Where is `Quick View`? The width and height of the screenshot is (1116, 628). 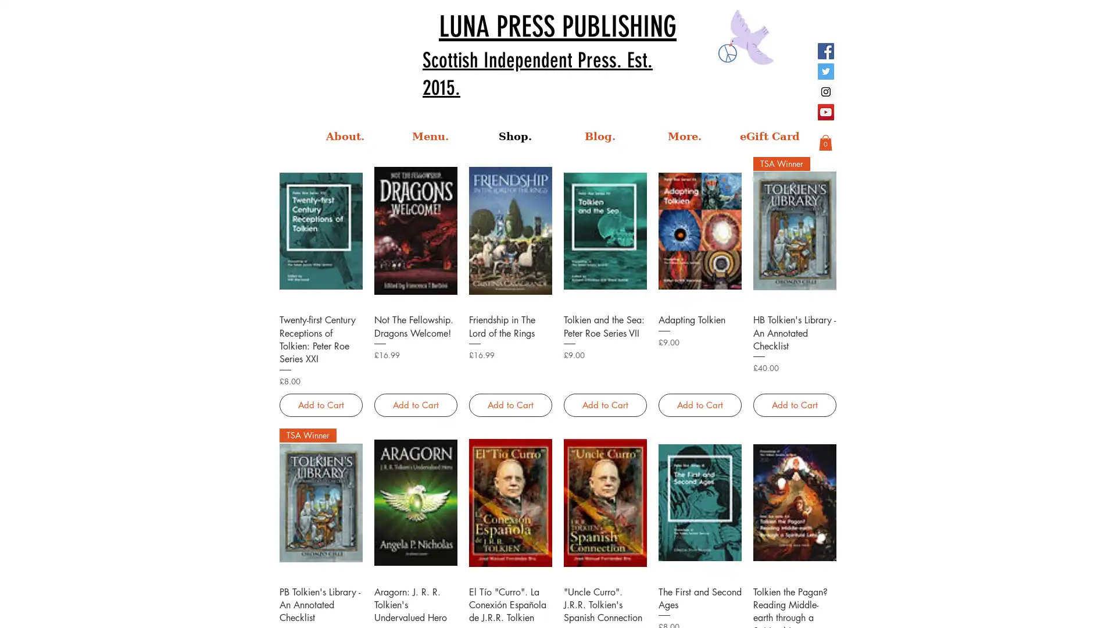
Quick View is located at coordinates (415, 590).